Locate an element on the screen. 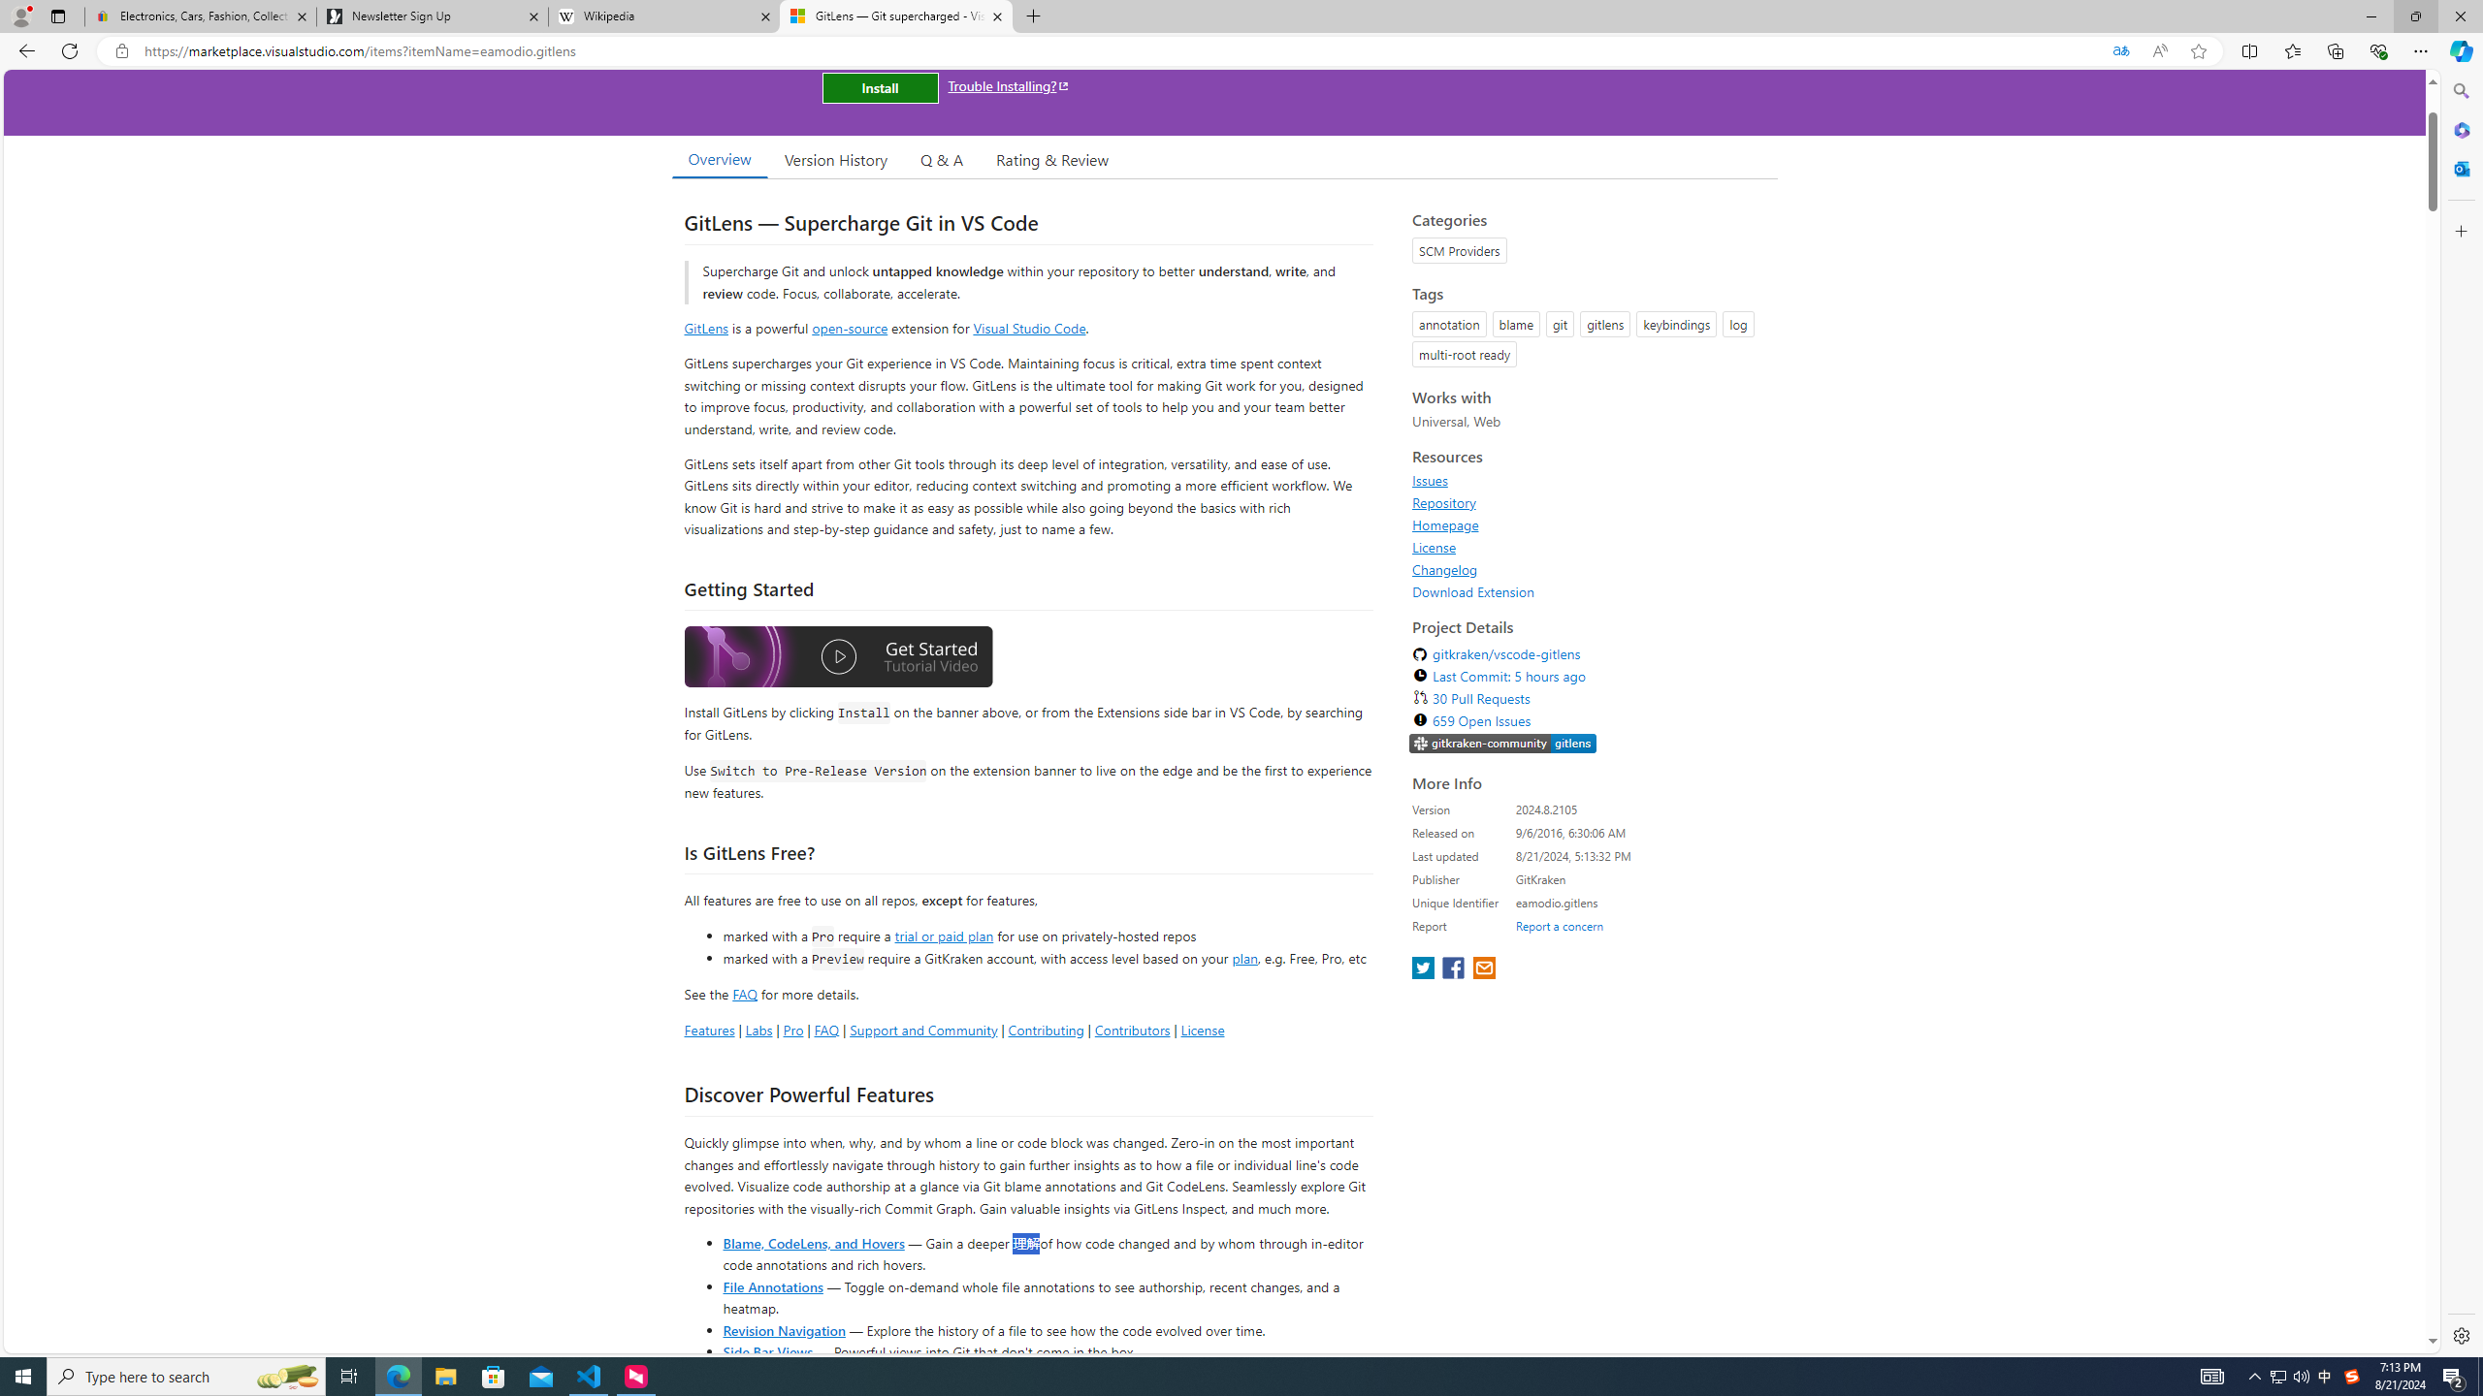 The height and width of the screenshot is (1396, 2483). 'Changelog' is located at coordinates (1443, 568).